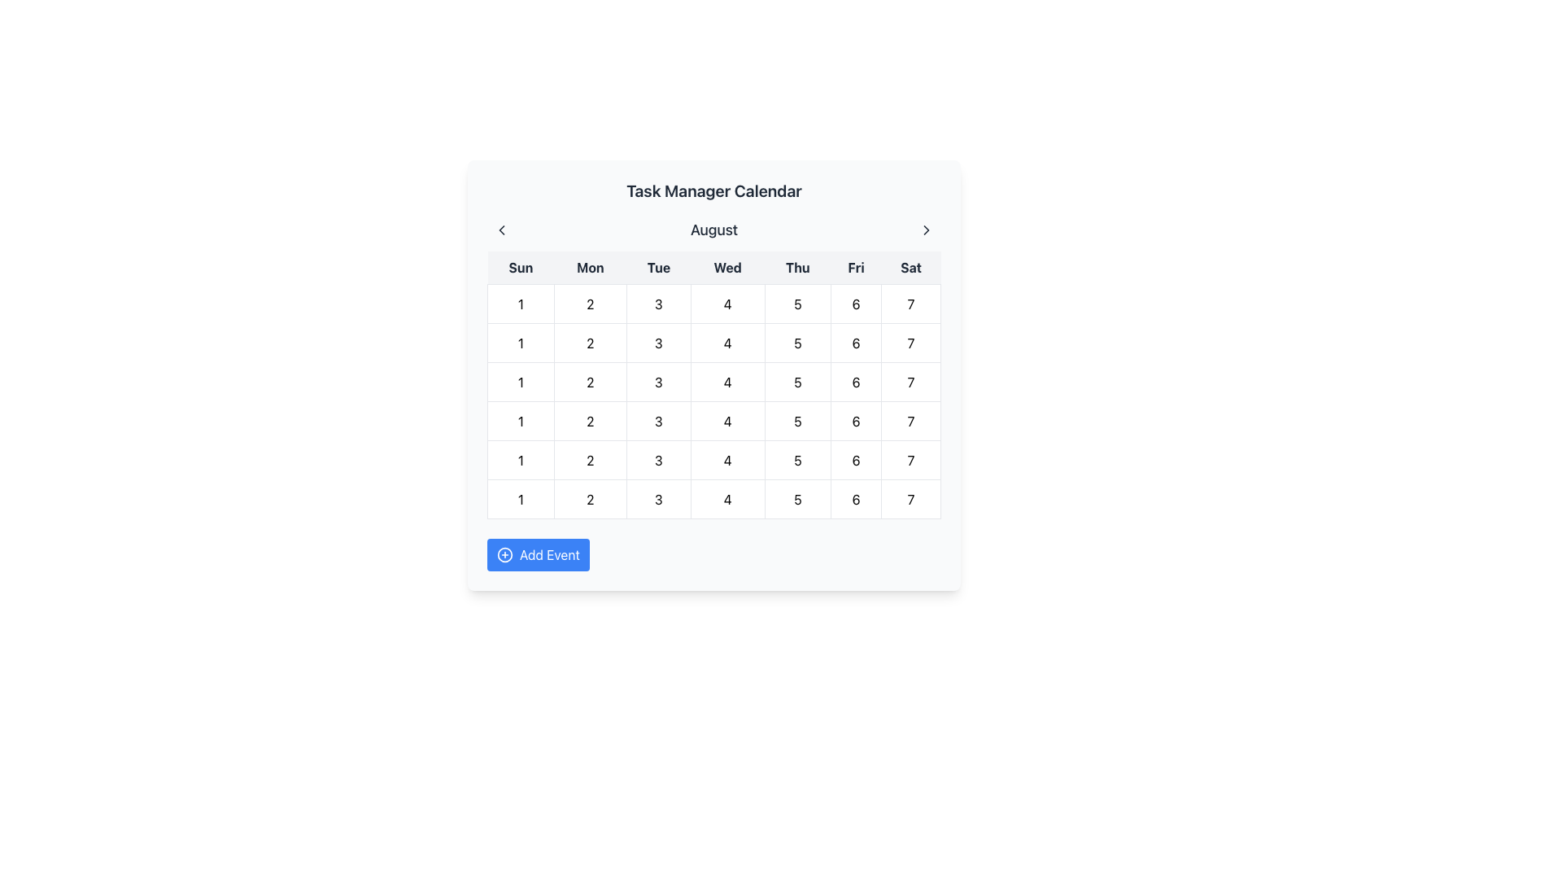  Describe the element at coordinates (521, 267) in the screenshot. I see `the static text element that labels the first day of the week in the calendar view, specifically the 'Sun' cell located at the top left of the calendar grid` at that location.